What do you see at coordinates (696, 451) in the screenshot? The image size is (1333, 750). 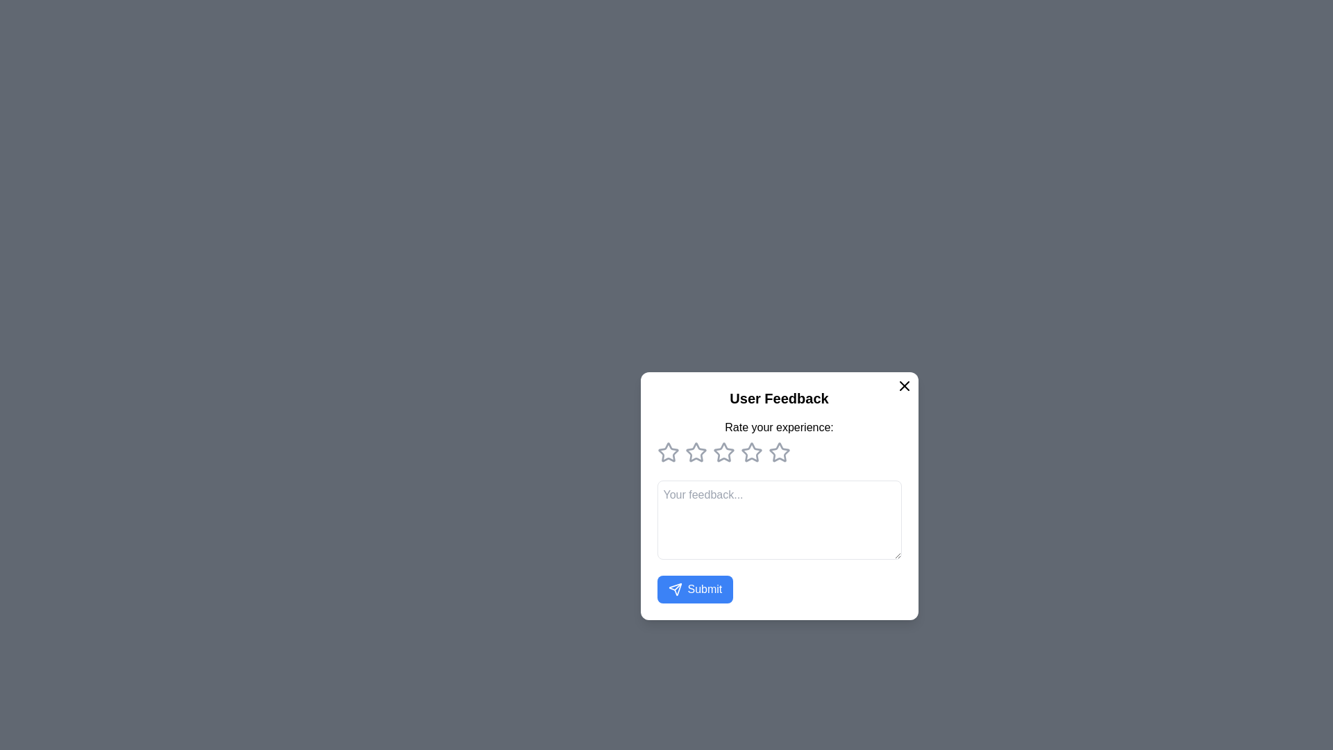 I see `on the second star icon in the rating row of the 'Rate your experience' dialog` at bounding box center [696, 451].